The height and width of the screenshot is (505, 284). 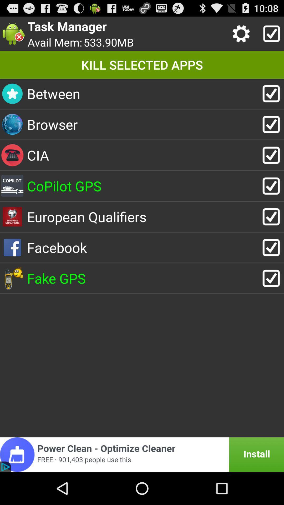 I want to click on apps, so click(x=270, y=33).